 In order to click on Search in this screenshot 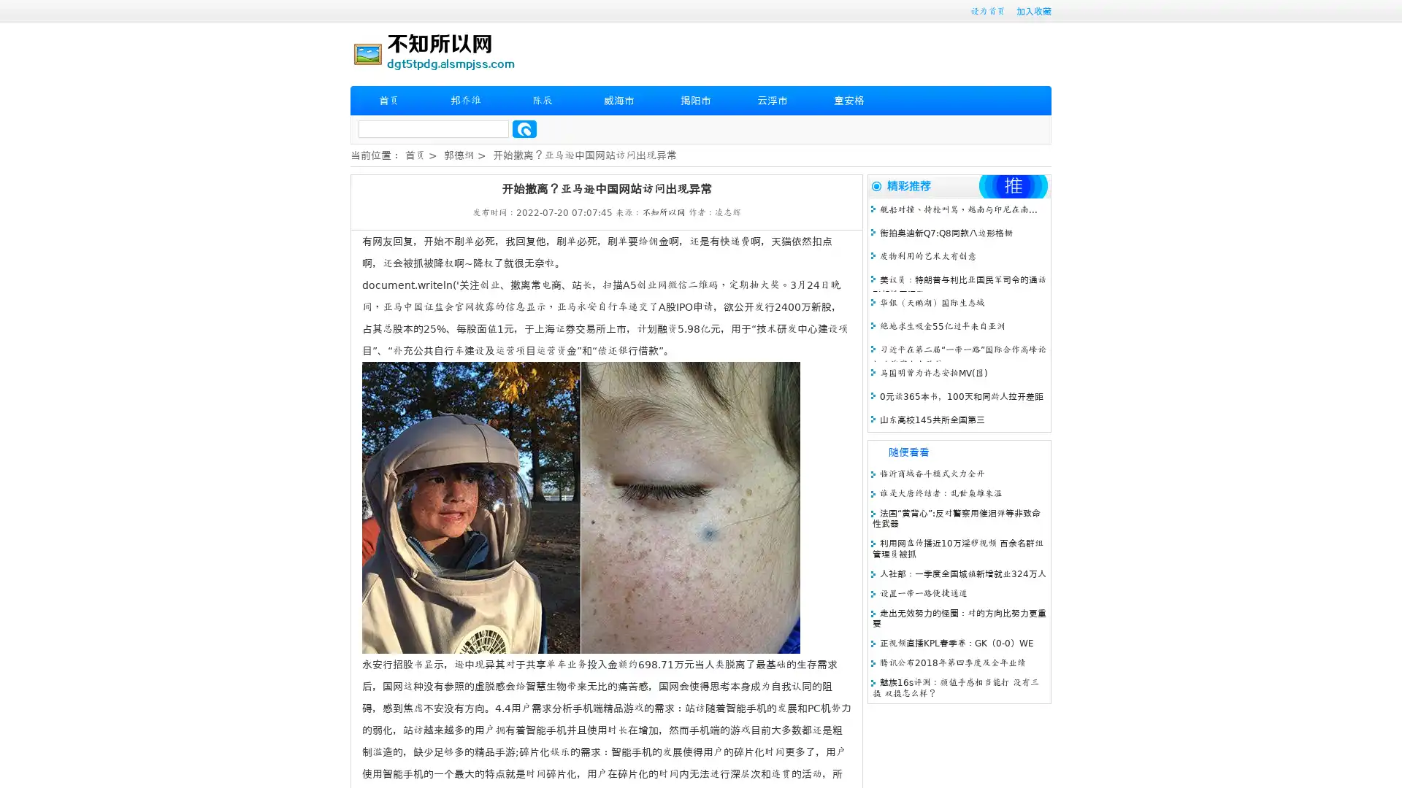, I will do `click(524, 128)`.